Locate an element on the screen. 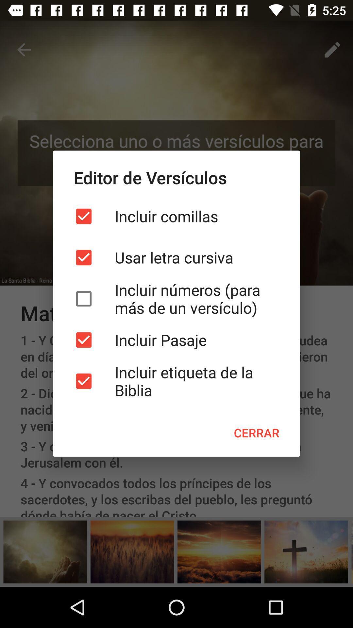 Image resolution: width=353 pixels, height=628 pixels. incluir pasaje item is located at coordinates (176, 340).